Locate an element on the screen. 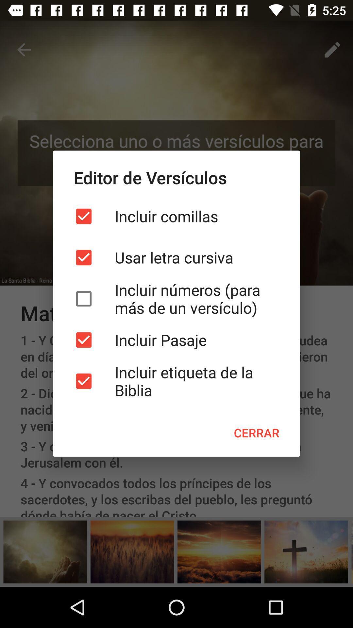 Image resolution: width=353 pixels, height=628 pixels. incluir pasaje item is located at coordinates (176, 340).